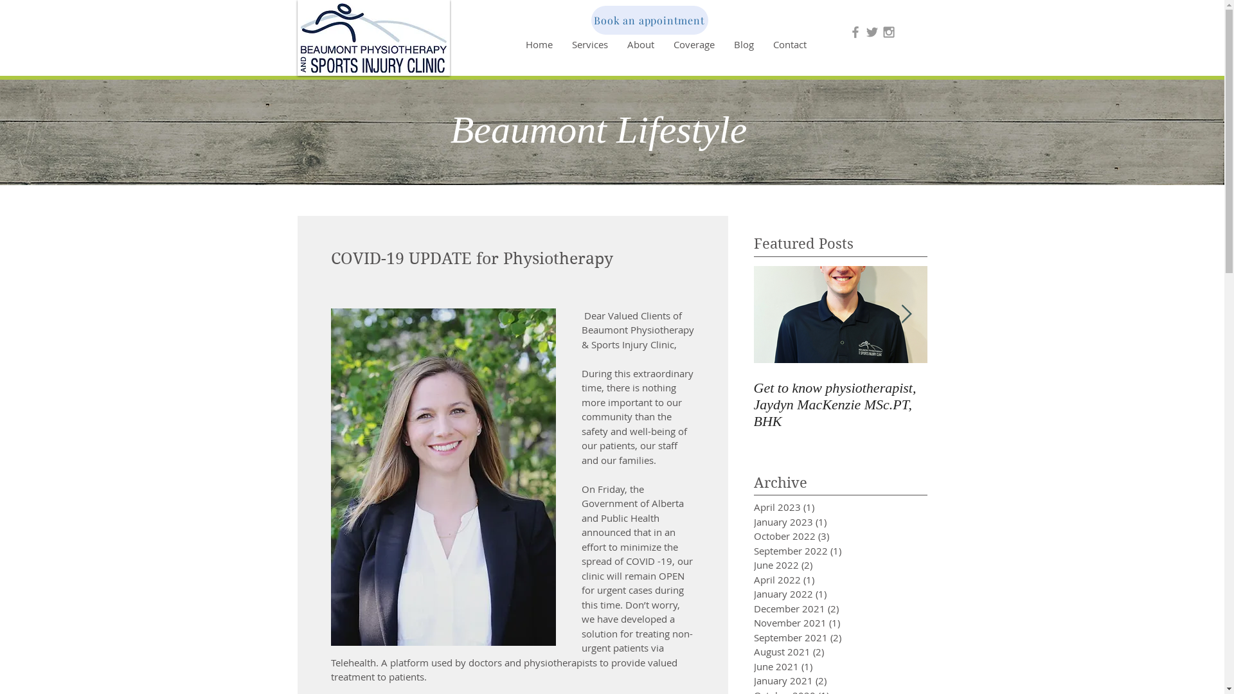  I want to click on 'January 2023 (1)', so click(753, 522).